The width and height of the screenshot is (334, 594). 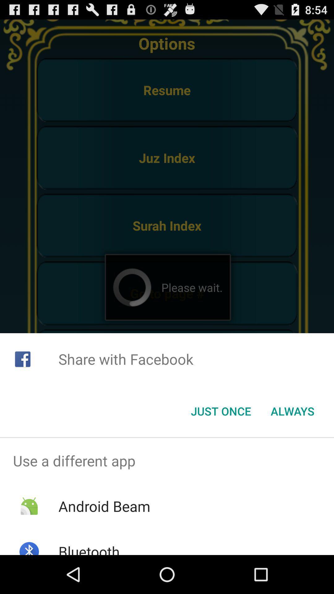 What do you see at coordinates (89, 548) in the screenshot?
I see `the bluetooth item` at bounding box center [89, 548].